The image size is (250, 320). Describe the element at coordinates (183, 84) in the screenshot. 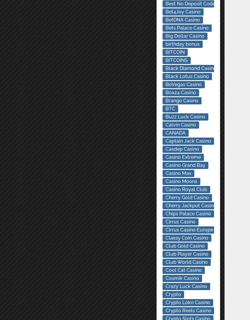

I see `'BoVegas Casino'` at that location.